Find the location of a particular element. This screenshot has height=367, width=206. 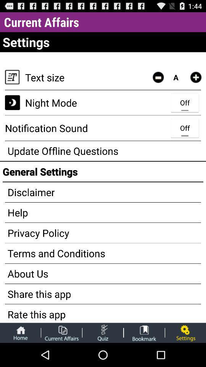

the app to the left of the a is located at coordinates (158, 77).